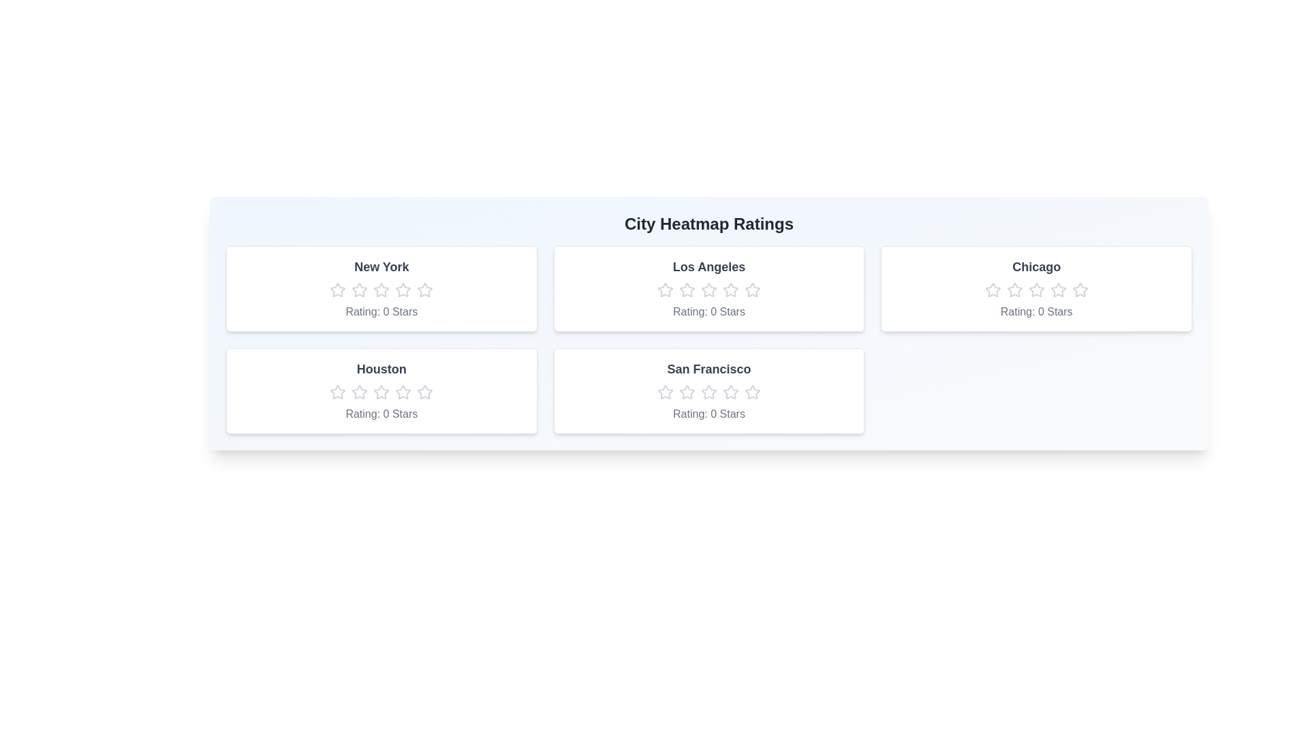 The height and width of the screenshot is (736, 1308). What do you see at coordinates (751, 289) in the screenshot?
I see `the Los Angeles rating star number 5` at bounding box center [751, 289].